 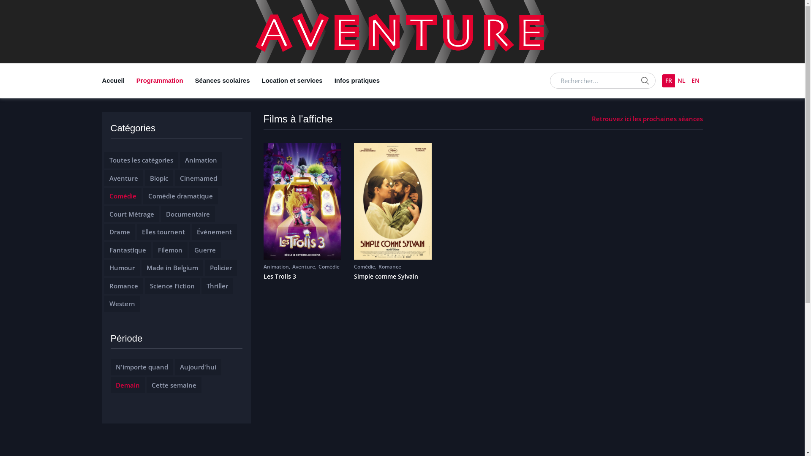 I want to click on 'Policier', so click(x=220, y=267).